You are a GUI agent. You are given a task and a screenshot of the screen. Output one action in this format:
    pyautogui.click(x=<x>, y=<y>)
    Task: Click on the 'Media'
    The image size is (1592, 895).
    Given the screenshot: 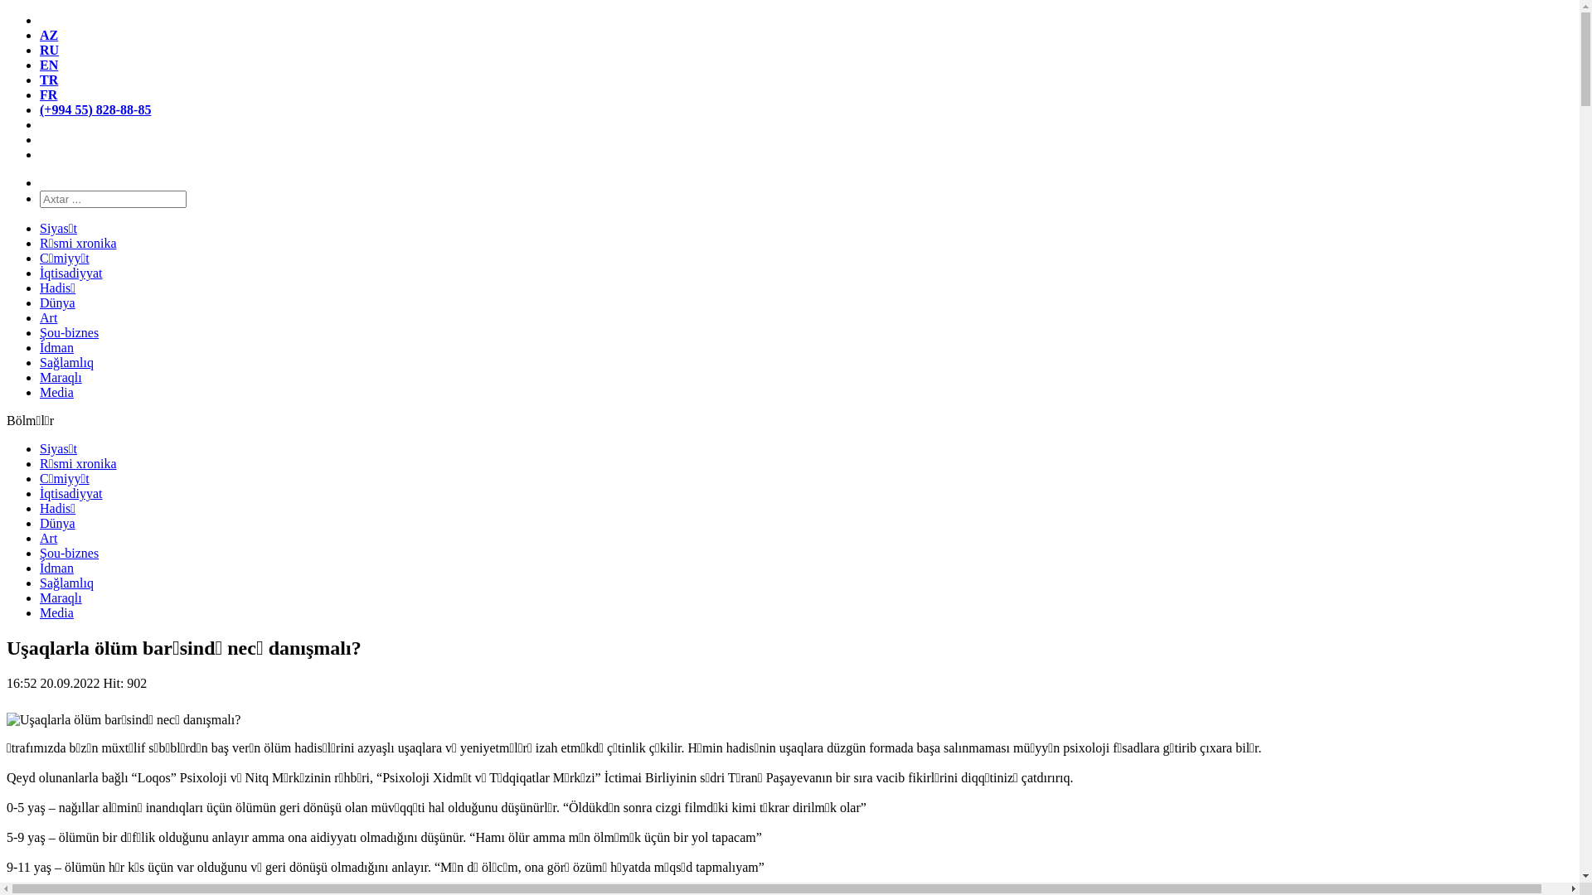 What is the action you would take?
    pyautogui.click(x=56, y=612)
    